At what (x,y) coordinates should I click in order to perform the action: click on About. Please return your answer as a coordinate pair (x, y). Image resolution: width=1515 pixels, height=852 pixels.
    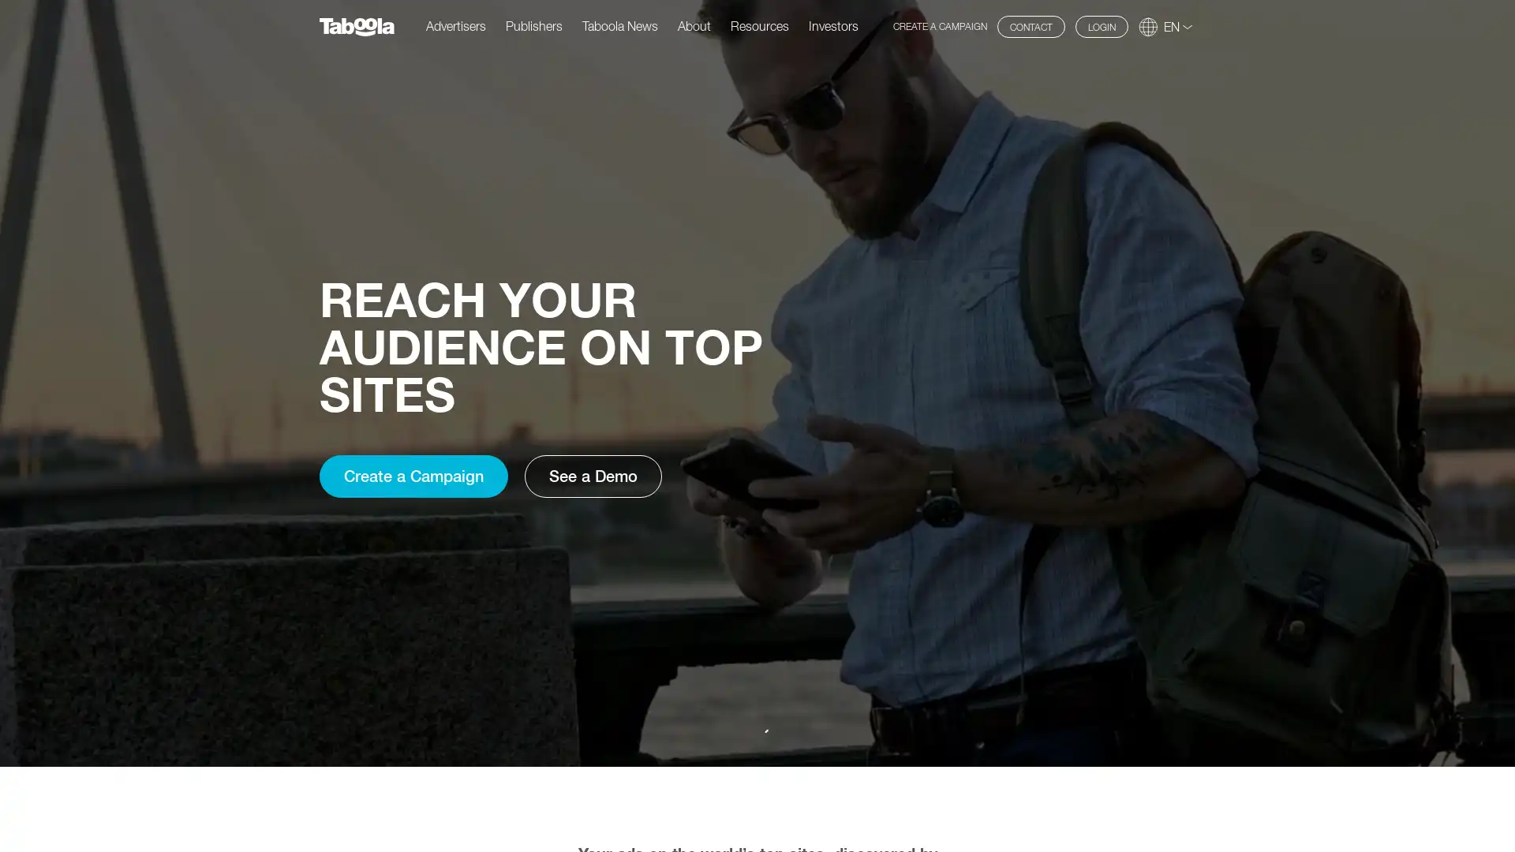
    Looking at the image, I should click on (694, 25).